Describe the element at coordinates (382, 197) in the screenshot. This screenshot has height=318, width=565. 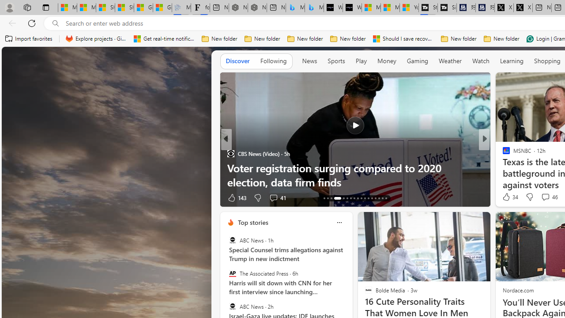
I see `'AutomationID: tab-41'` at that location.